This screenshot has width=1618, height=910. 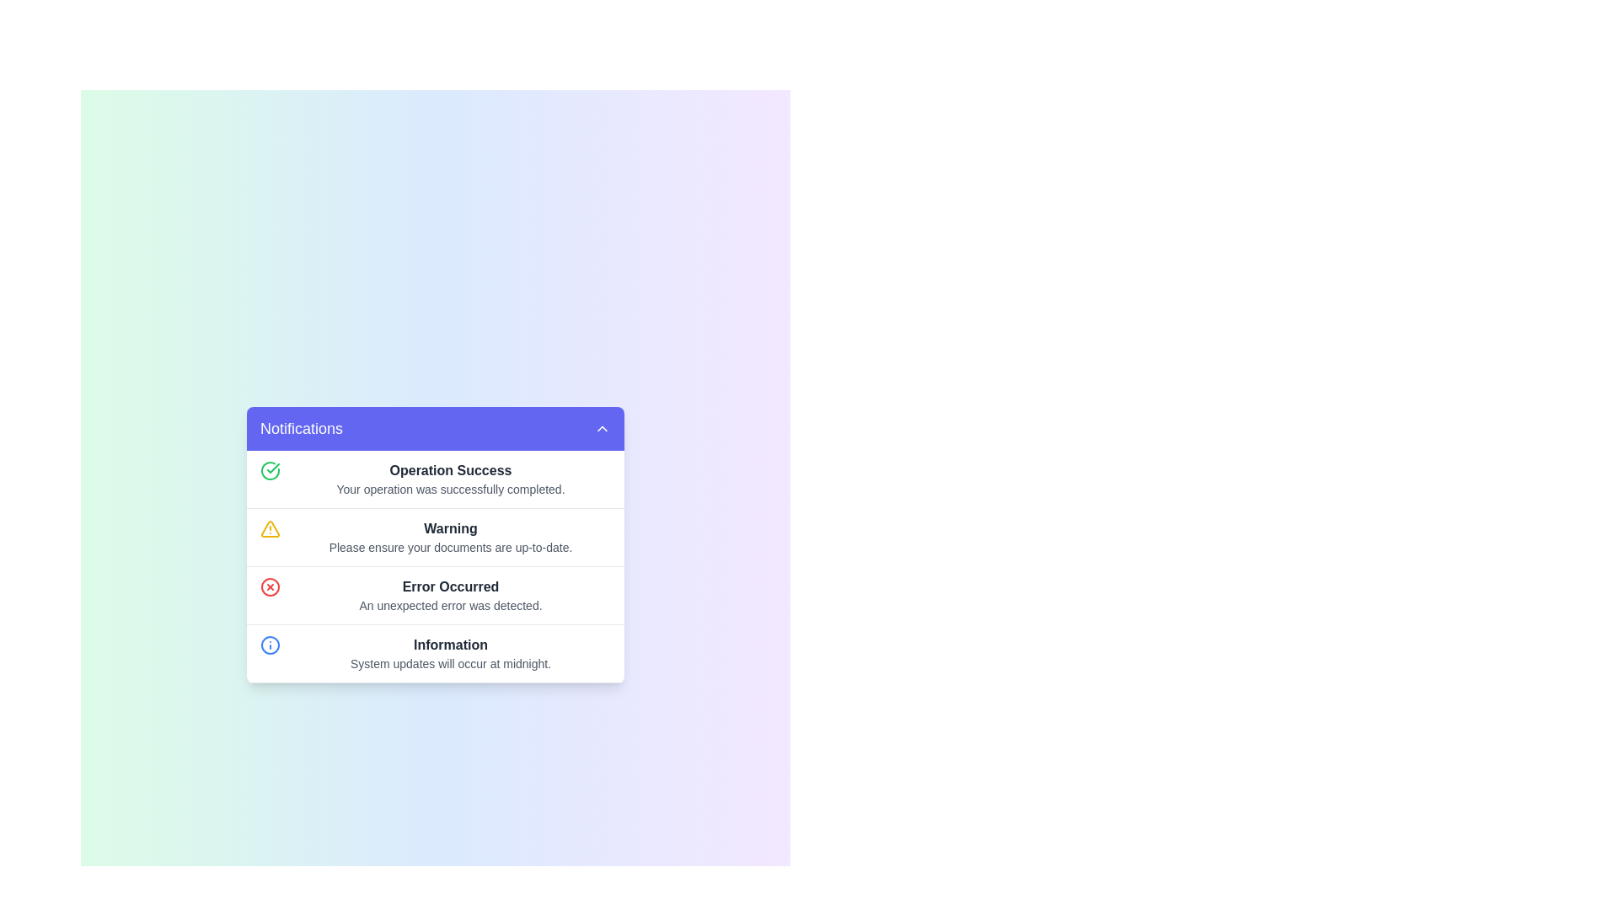 I want to click on the notification item that conveys information about system updates occurring at midnight, located as the fourth item in the notification panel below the 'Error Occurred' notification, so click(x=436, y=653).